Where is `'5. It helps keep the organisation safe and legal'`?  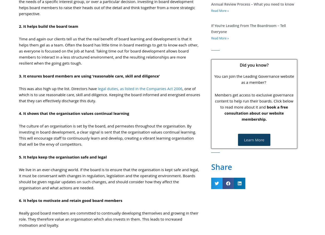 '5. It helps keep the organisation safe and legal' is located at coordinates (62, 156).